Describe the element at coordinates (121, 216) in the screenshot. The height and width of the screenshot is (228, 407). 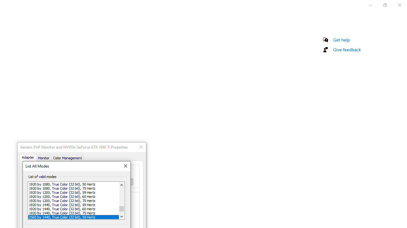
I see `'Line down'` at that location.